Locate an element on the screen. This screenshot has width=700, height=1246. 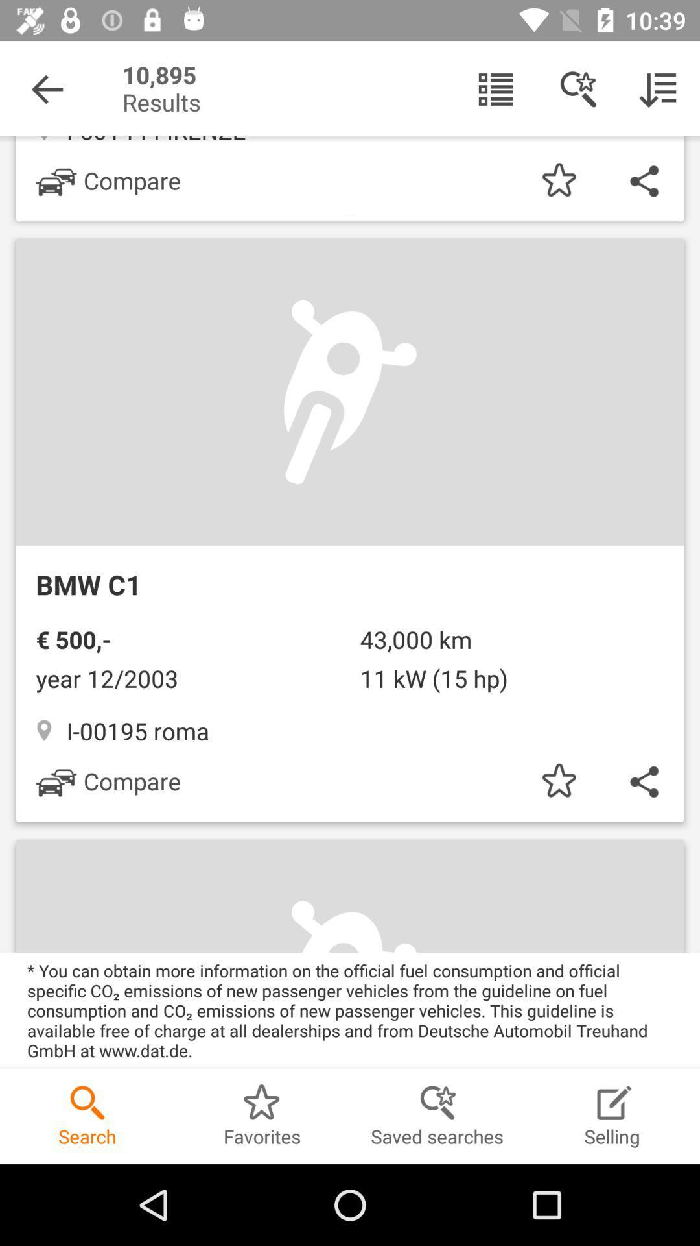
the option favorites at the bottom of the screen is located at coordinates (262, 1116).